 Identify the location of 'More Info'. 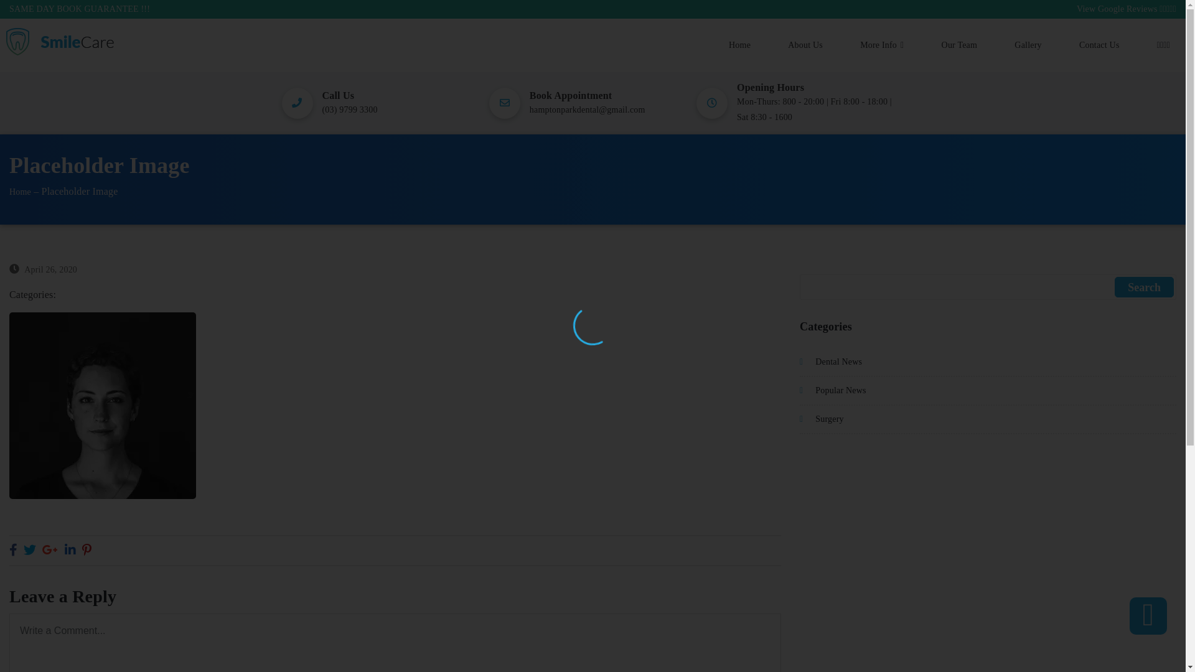
(881, 44).